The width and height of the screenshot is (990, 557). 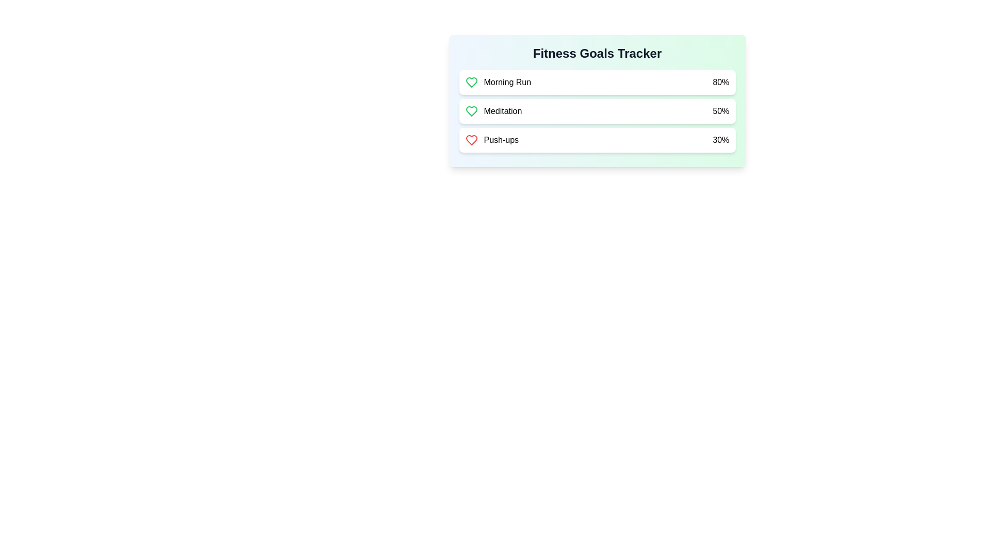 What do you see at coordinates (720, 111) in the screenshot?
I see `the text element that visually presents a percentage, located in the second row of a list, at the end on the right side, adjacent to the text 'Meditation'` at bounding box center [720, 111].